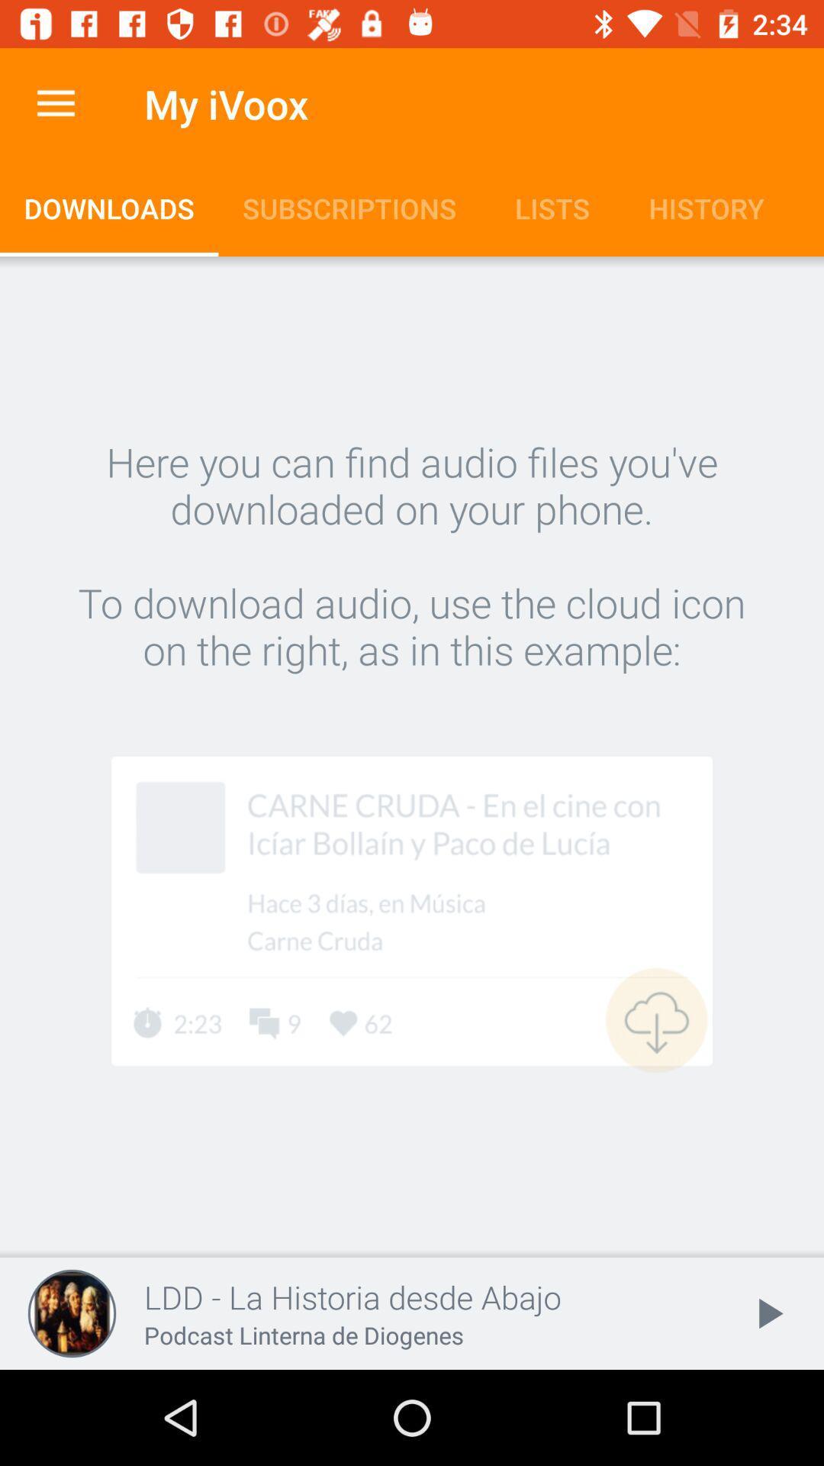 The width and height of the screenshot is (824, 1466). I want to click on icon next to the my ivoox, so click(55, 103).